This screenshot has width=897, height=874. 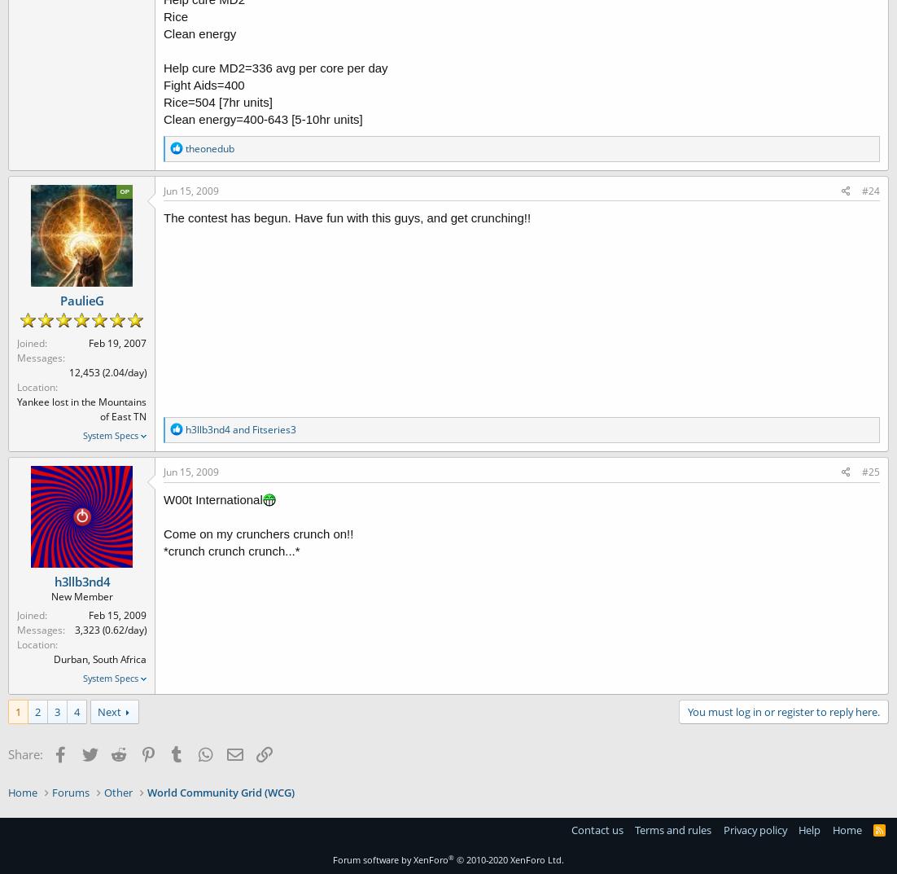 I want to click on 'Feb 15, 2009', so click(x=116, y=614).